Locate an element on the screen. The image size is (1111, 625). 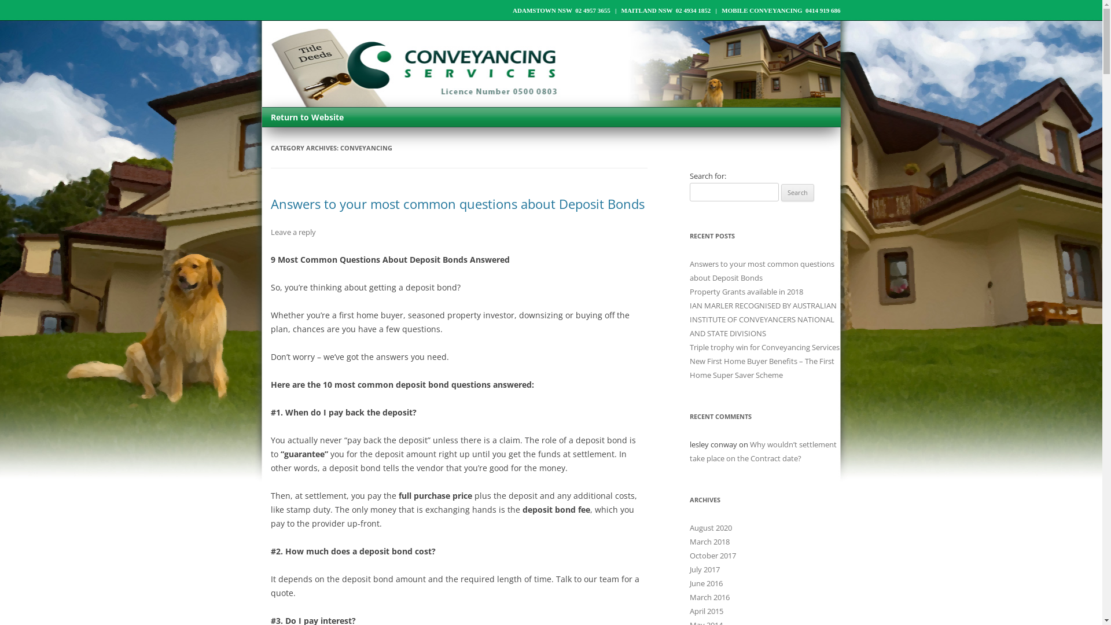
'March 2018' is located at coordinates (709, 542).